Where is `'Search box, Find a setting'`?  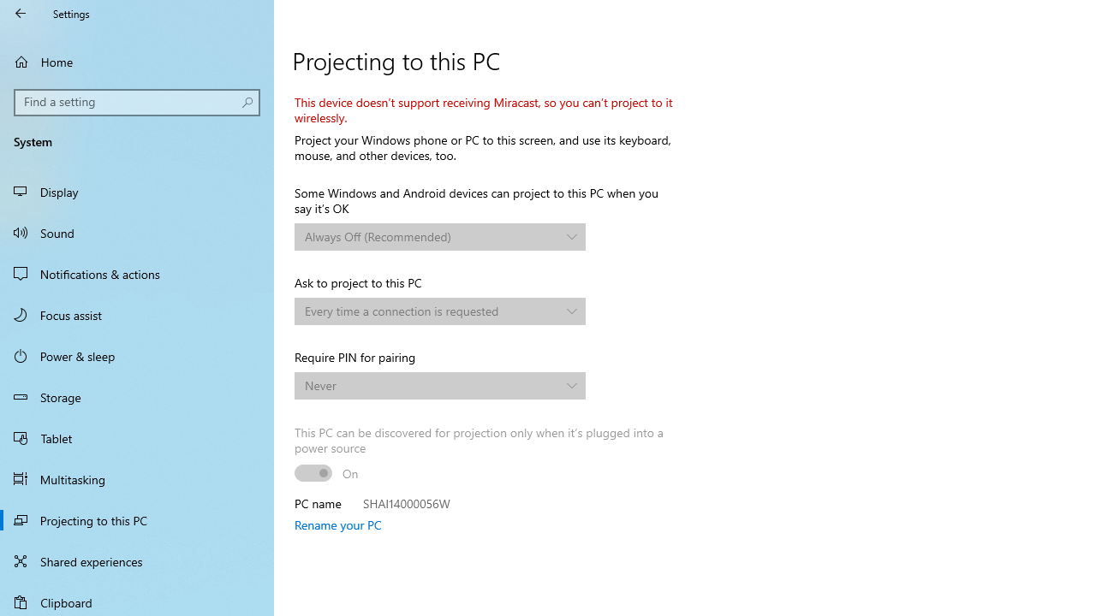
'Search box, Find a setting' is located at coordinates (137, 102).